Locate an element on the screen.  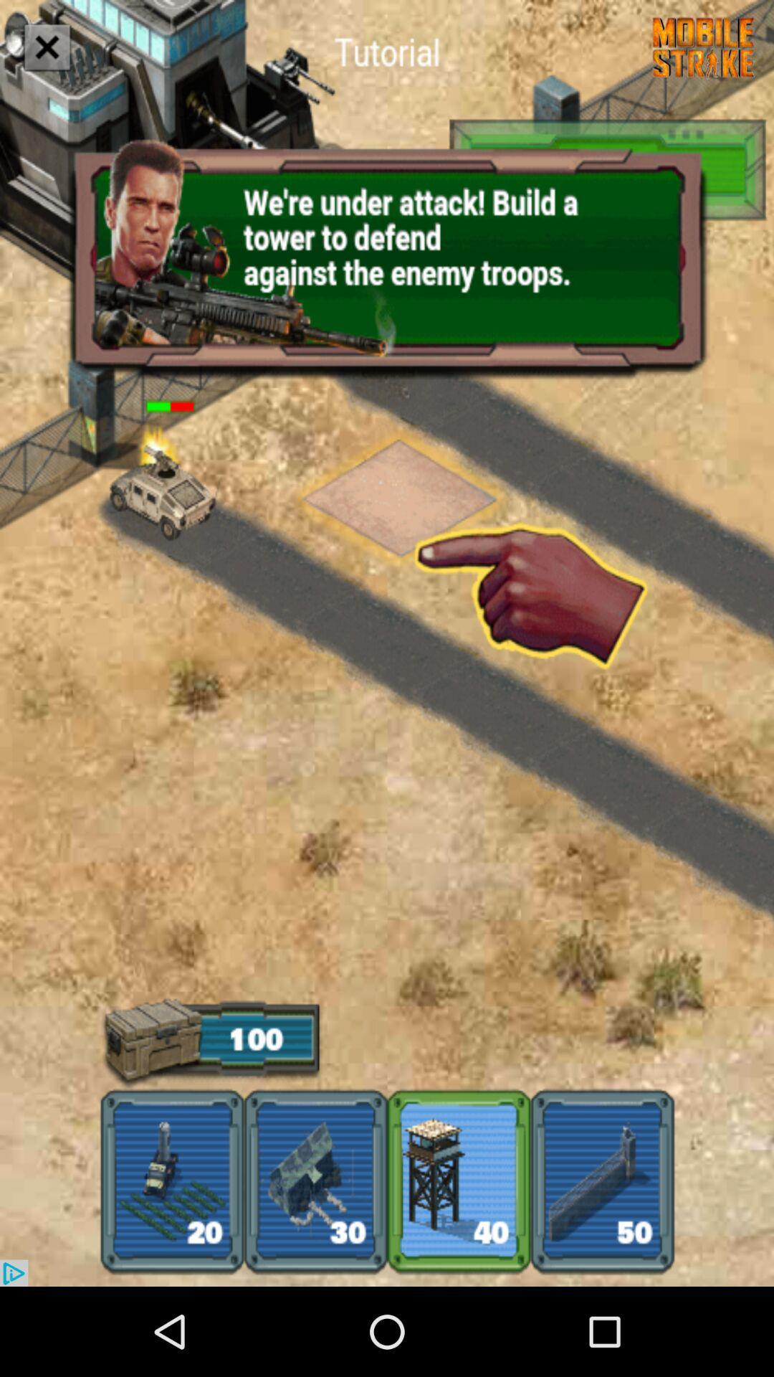
the close icon is located at coordinates (46, 50).